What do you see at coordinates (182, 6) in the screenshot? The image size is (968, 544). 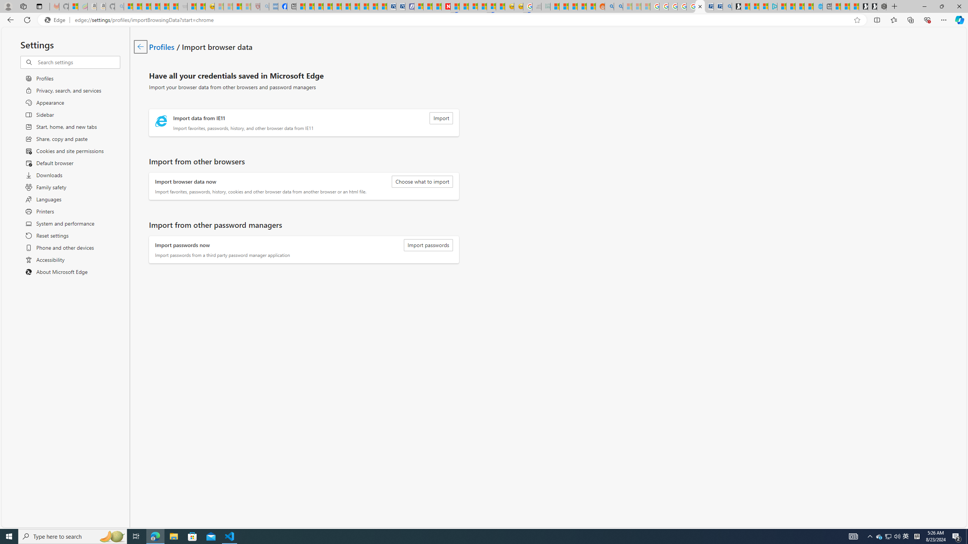 I see `'Combat Siege - Sleeping'` at bounding box center [182, 6].